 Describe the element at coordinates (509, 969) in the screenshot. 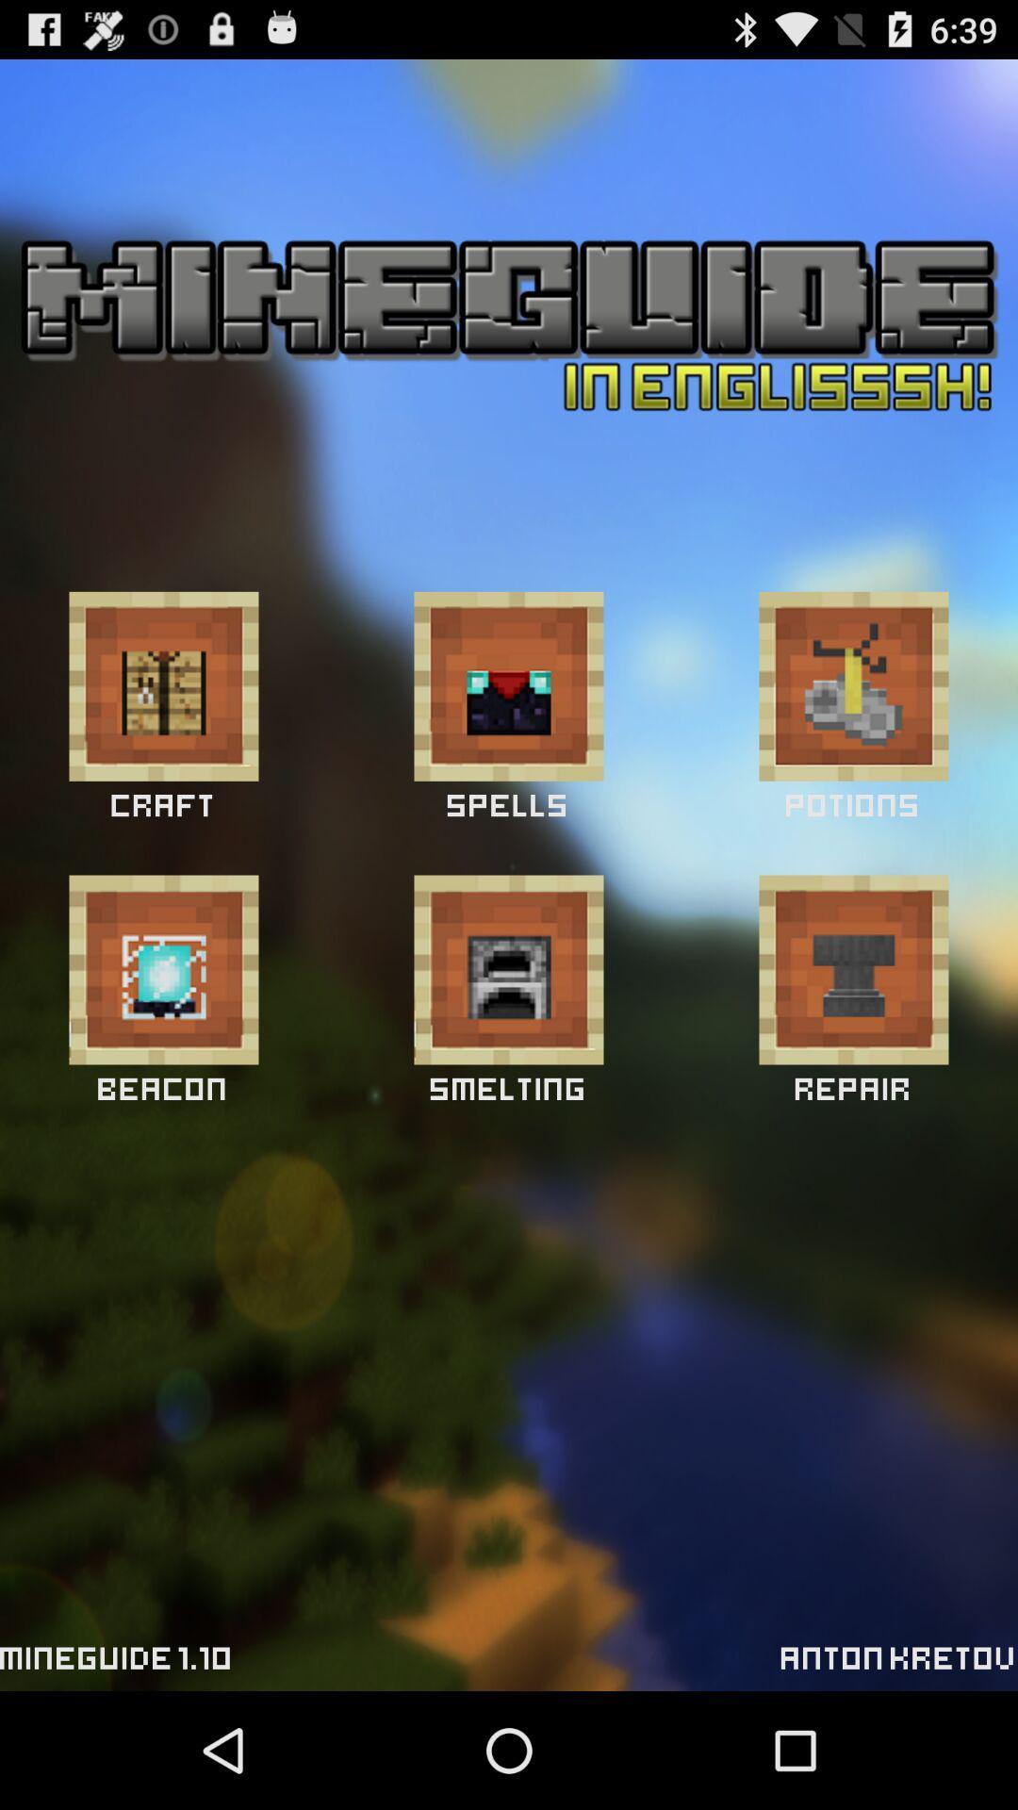

I see `link to smelting information` at that location.